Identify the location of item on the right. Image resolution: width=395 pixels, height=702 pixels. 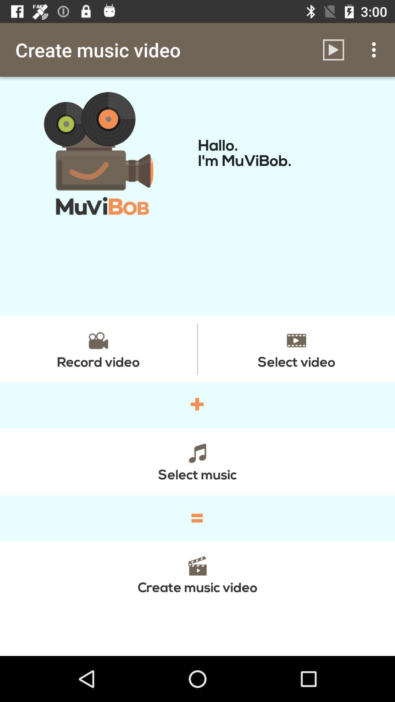
(296, 348).